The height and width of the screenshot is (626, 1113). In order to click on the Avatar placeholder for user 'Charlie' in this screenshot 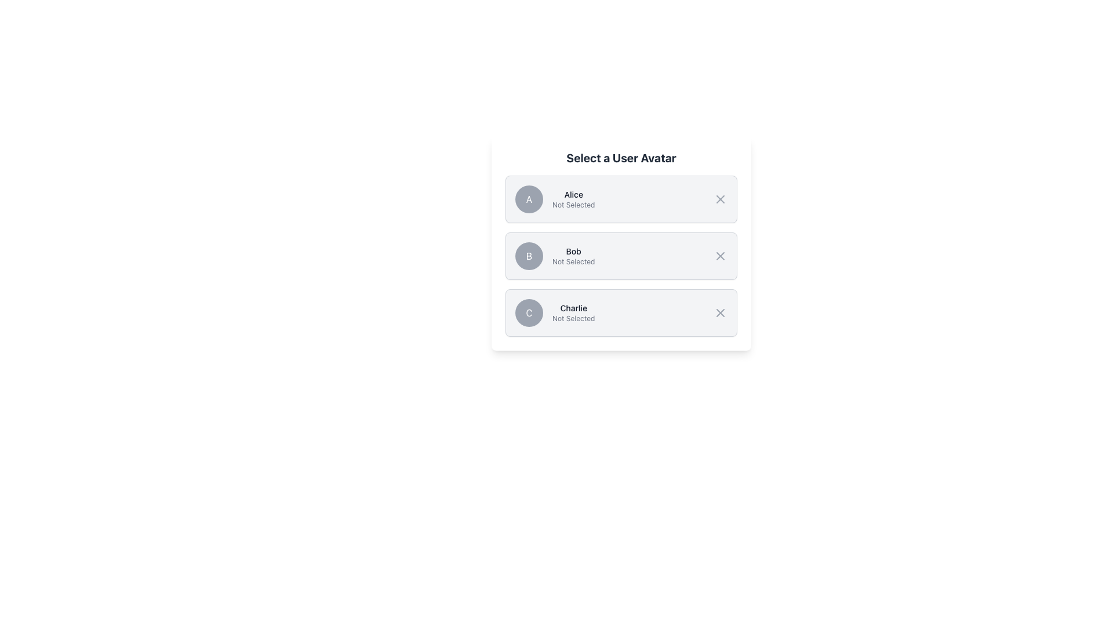, I will do `click(528, 313)`.